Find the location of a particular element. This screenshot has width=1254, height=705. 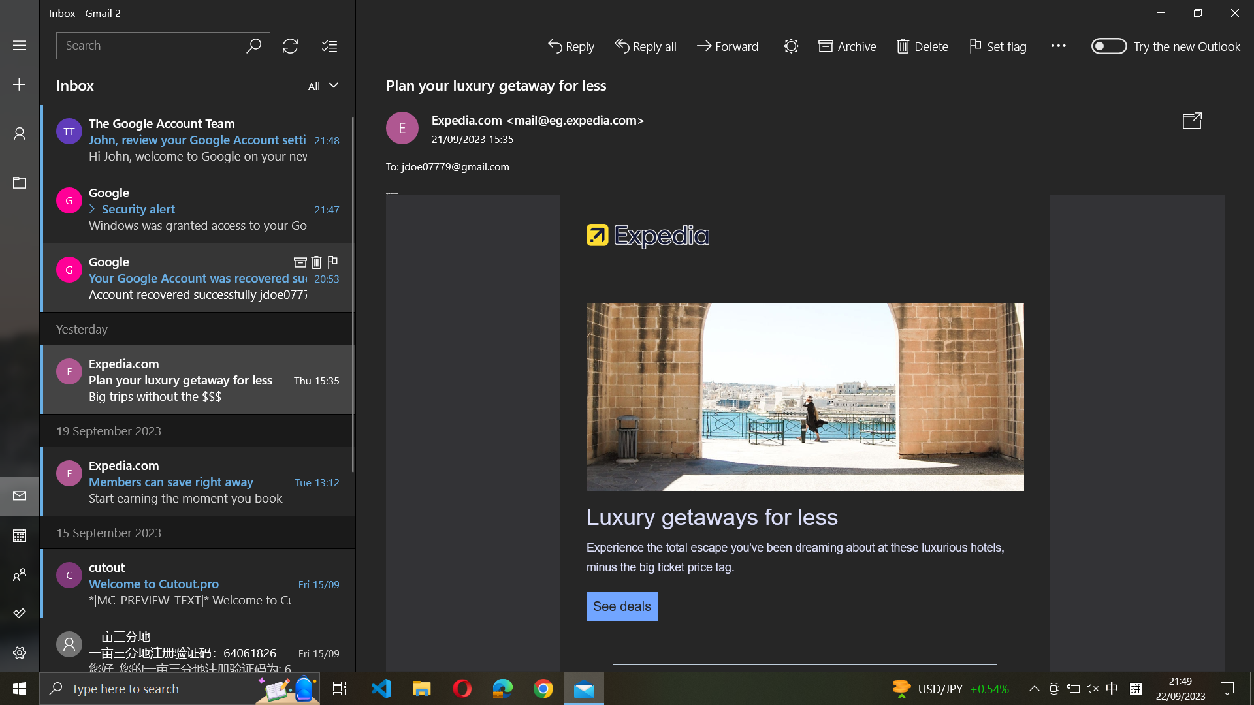

all correspondence from Expedia.com in mail is located at coordinates (162, 44).